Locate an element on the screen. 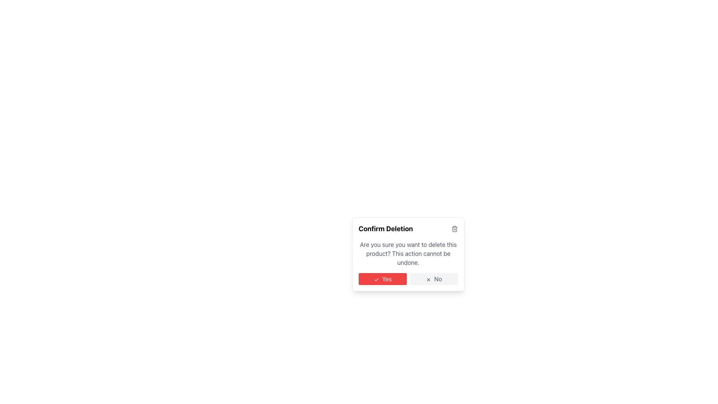  the 'Yes' button with a bold red background and white text is located at coordinates (383, 279).